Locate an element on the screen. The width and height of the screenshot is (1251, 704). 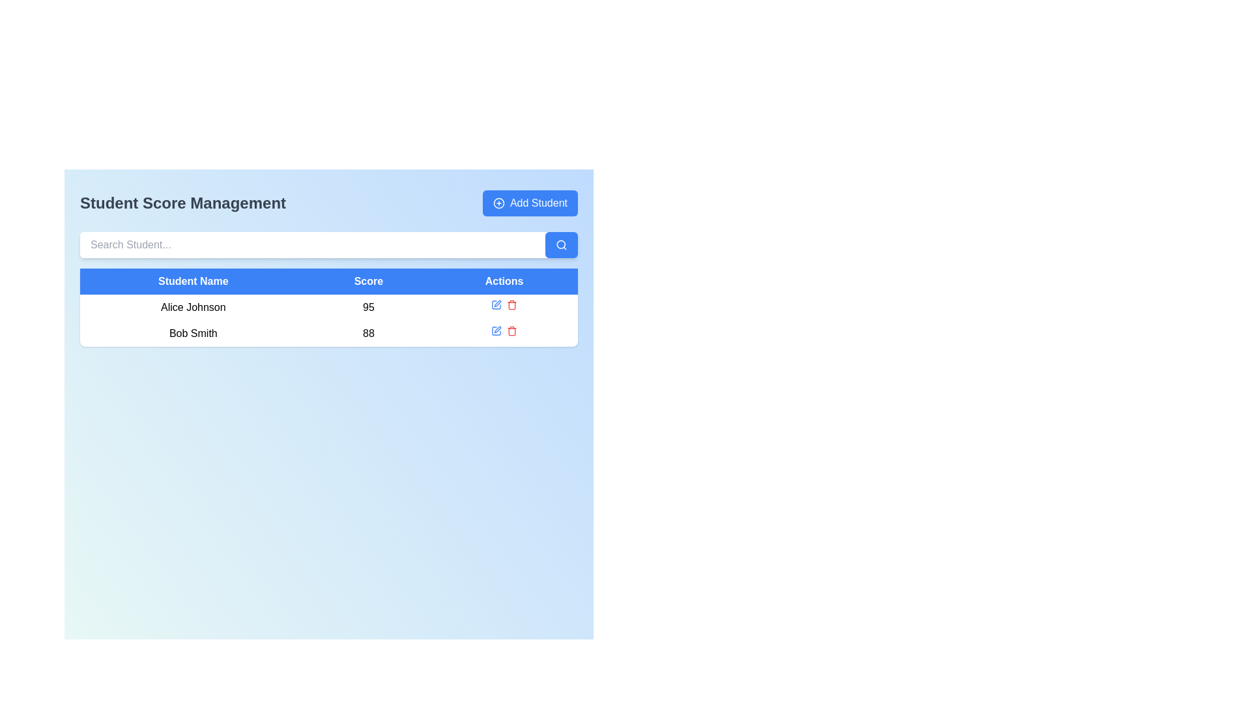
the edit icon located in the 'Actions' column of the table for the student 'Bob Smith' to initiate editing is located at coordinates (496, 330).